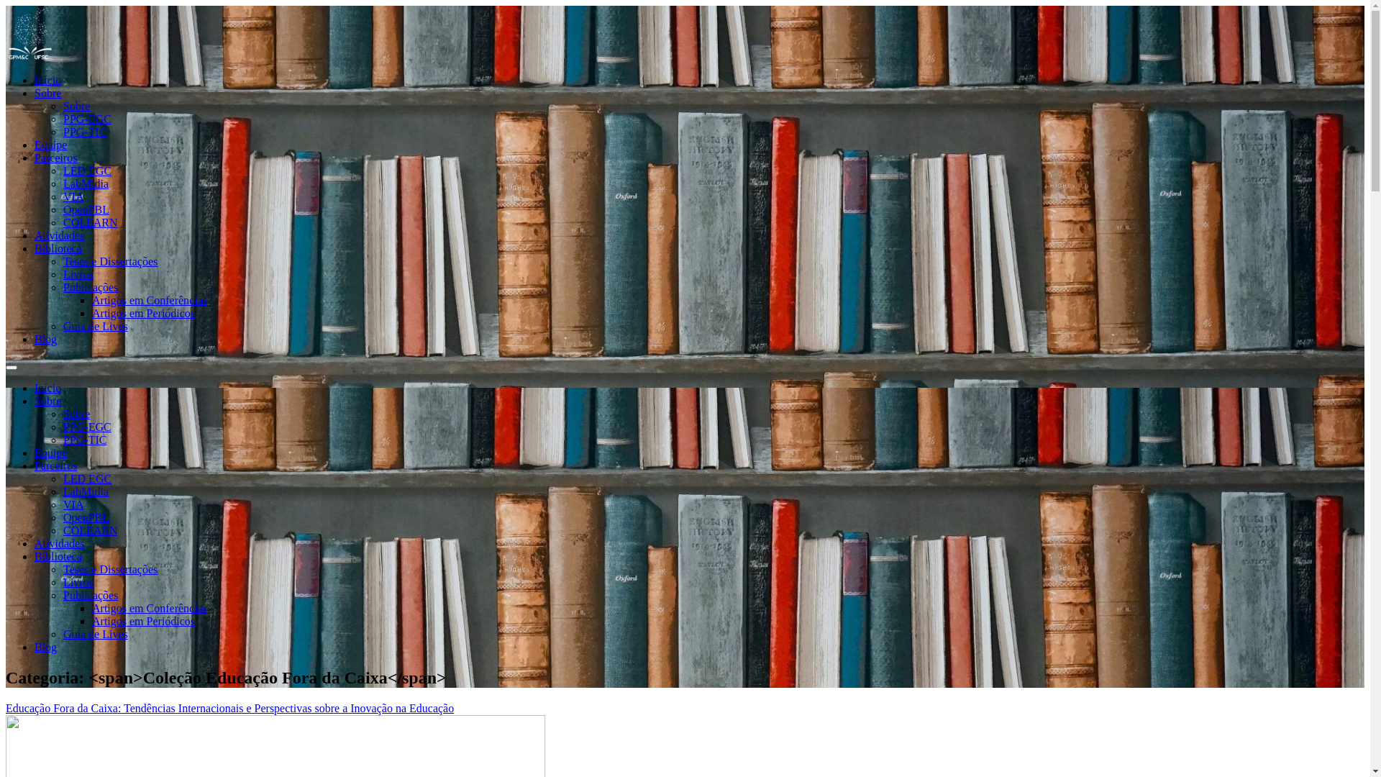 The image size is (1381, 777). I want to click on 'OpenPBL', so click(86, 209).